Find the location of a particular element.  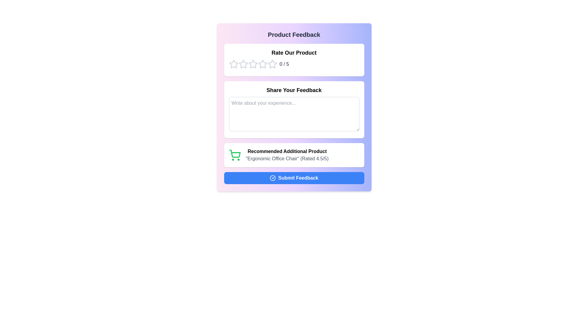

the second star icon in the five-star rating system is located at coordinates (263, 64).